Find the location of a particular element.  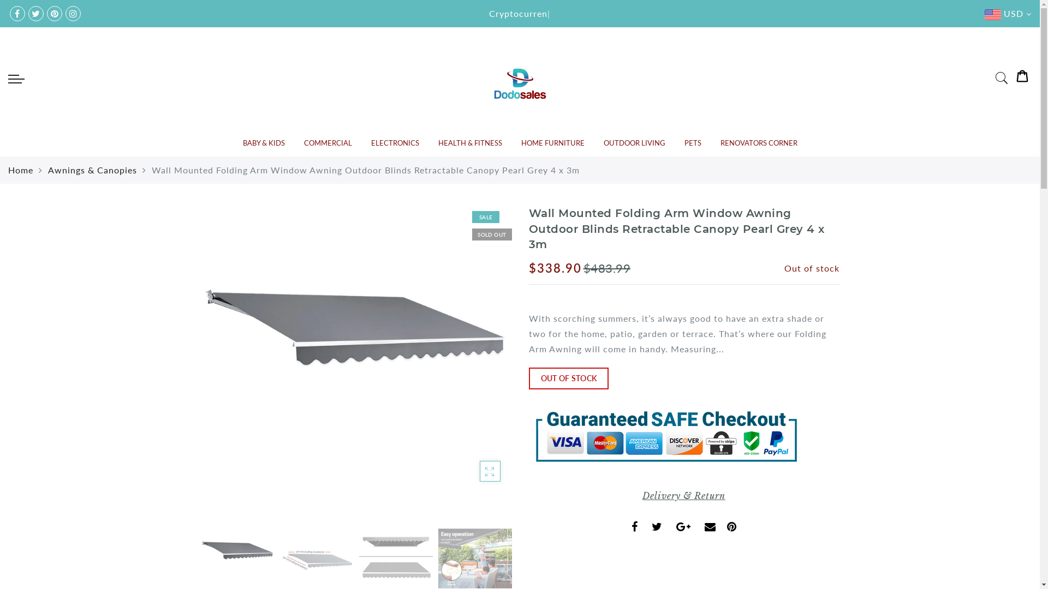

'View your shopping cart' is located at coordinates (1021, 77).